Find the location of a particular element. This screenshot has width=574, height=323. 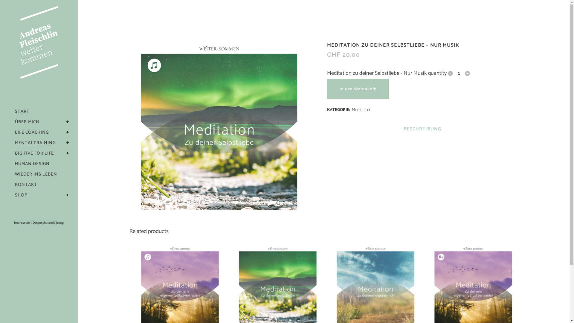

'In den Warenkorb' is located at coordinates (358, 89).